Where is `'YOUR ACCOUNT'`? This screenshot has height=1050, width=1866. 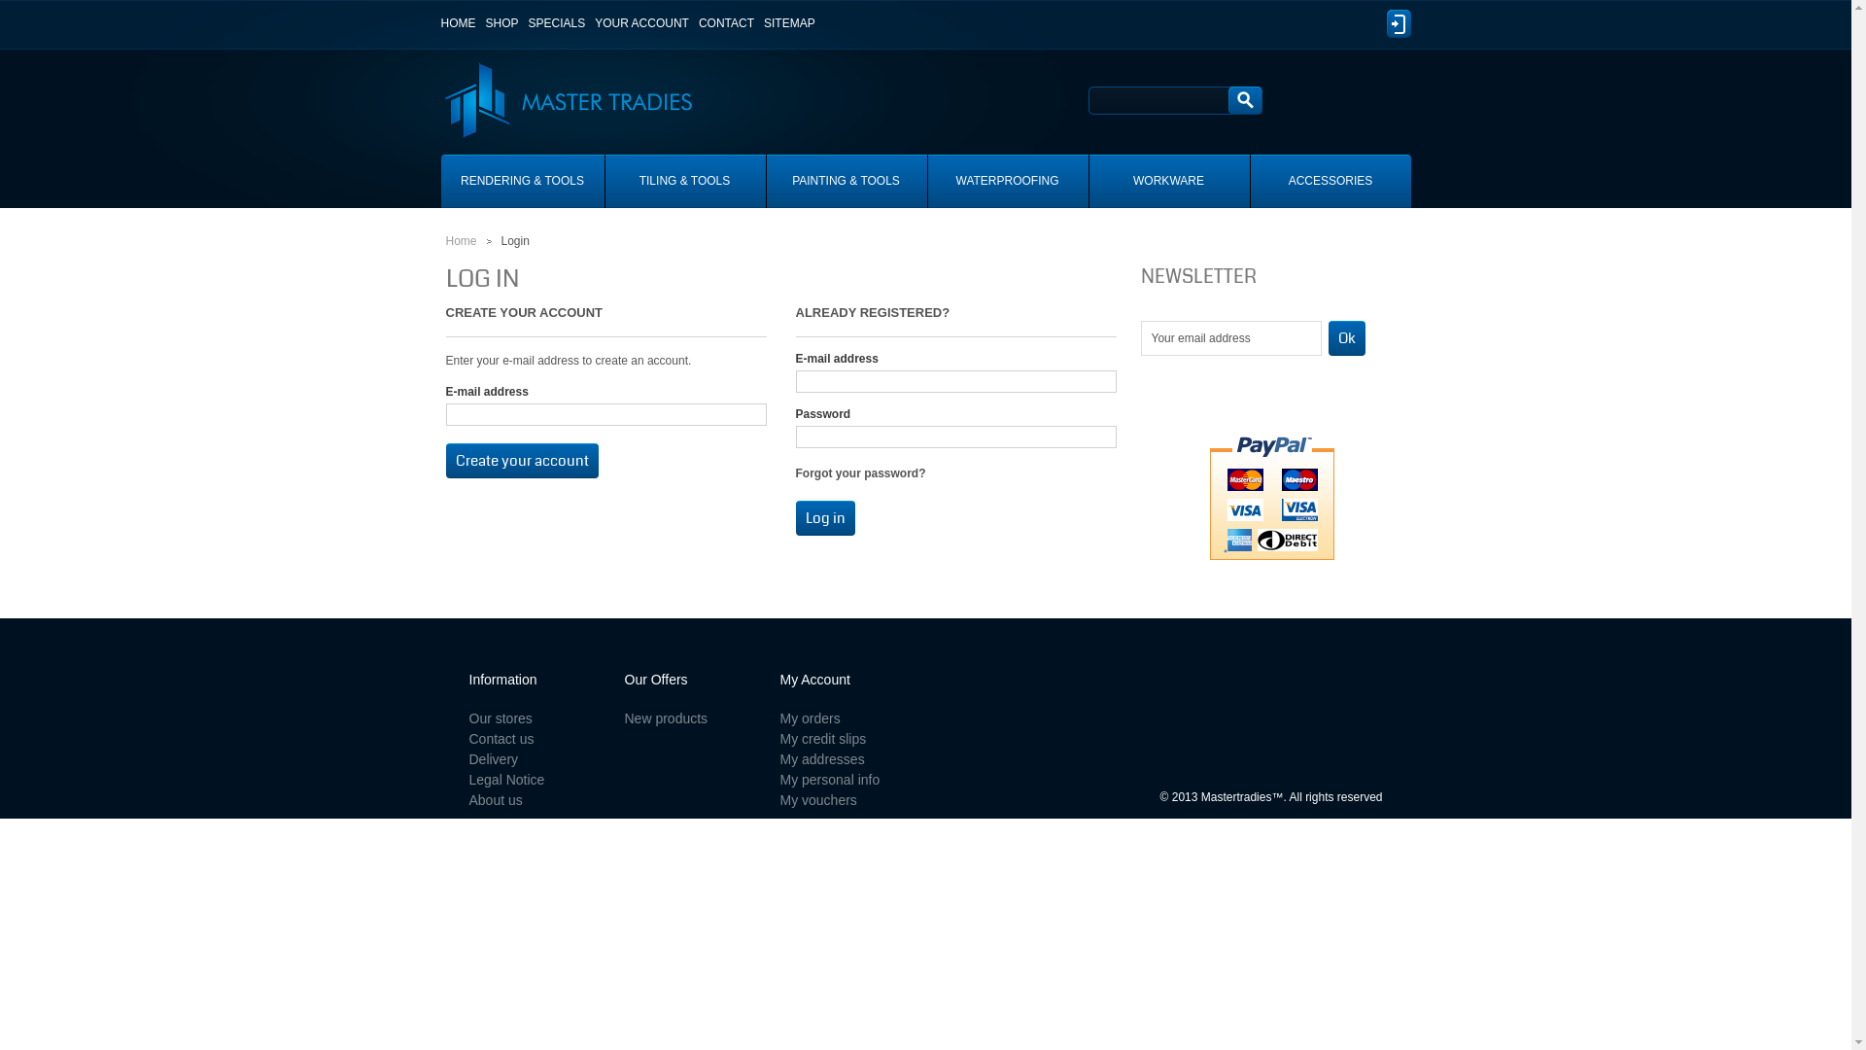
'YOUR ACCOUNT' is located at coordinates (641, 22).